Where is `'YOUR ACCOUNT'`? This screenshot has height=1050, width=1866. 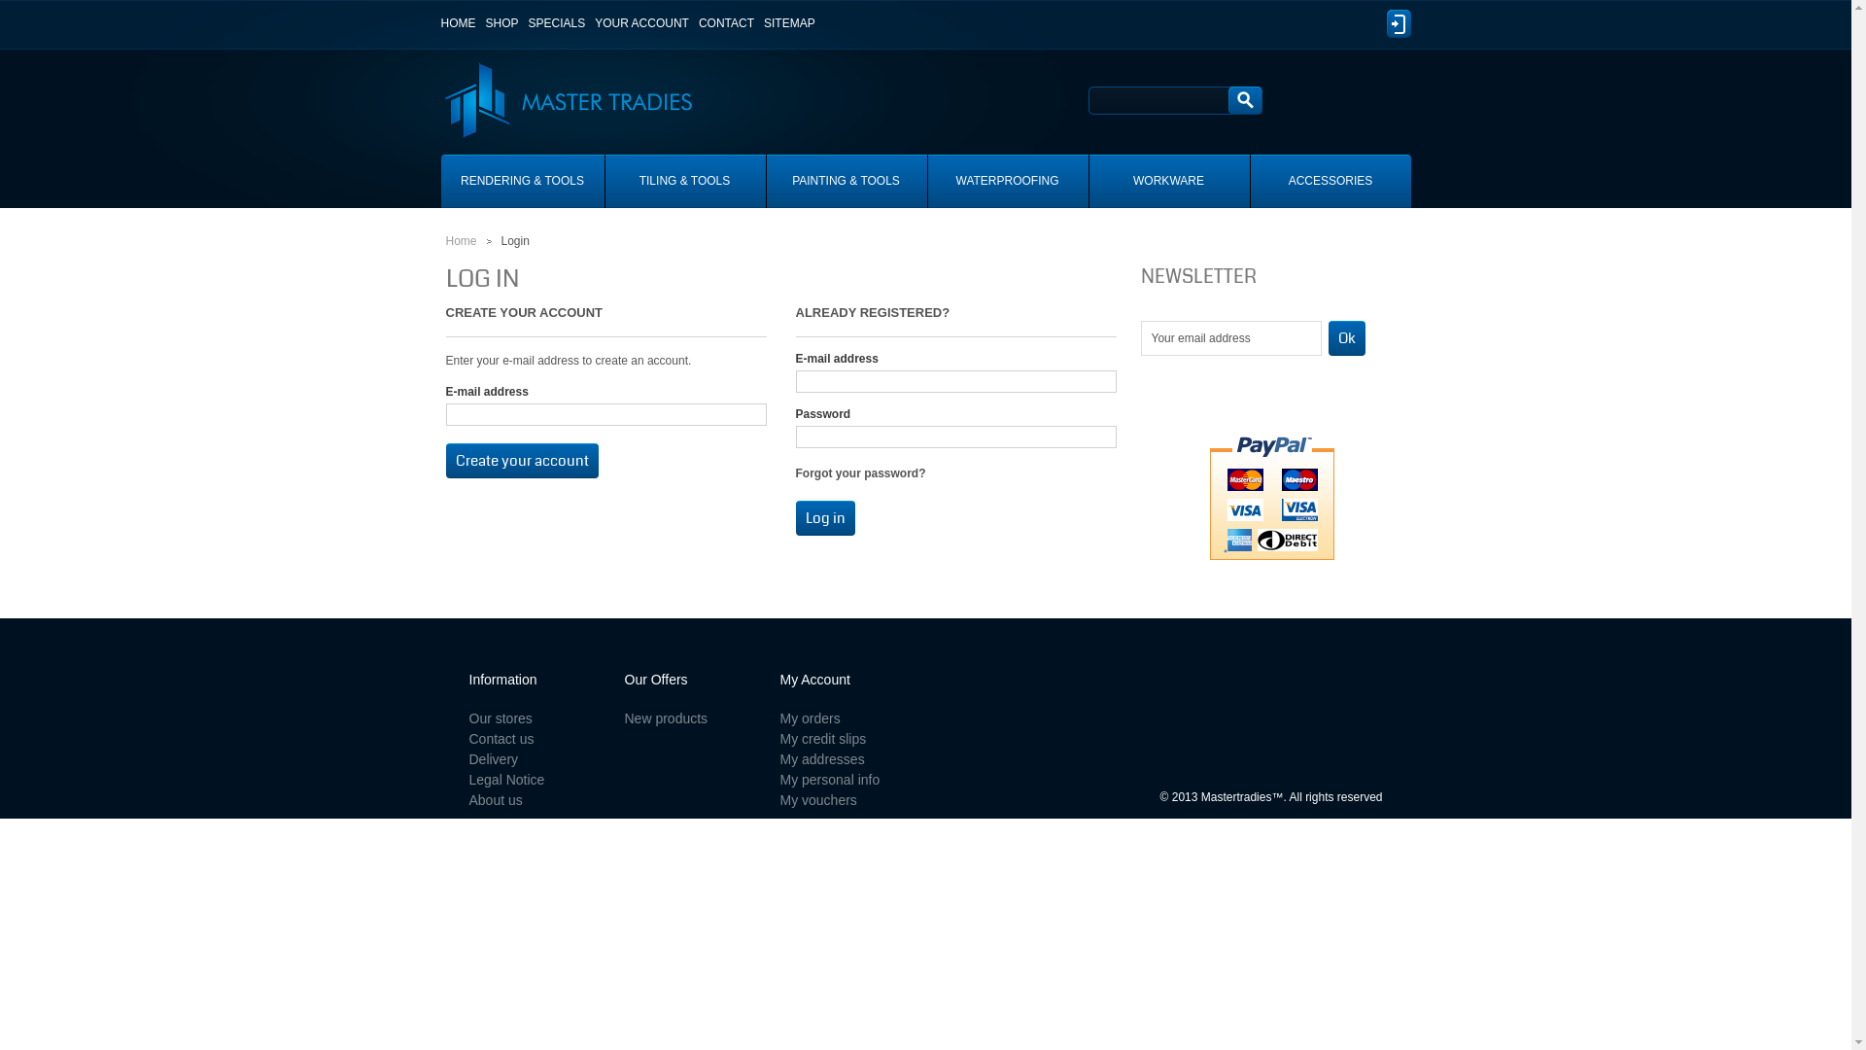
'YOUR ACCOUNT' is located at coordinates (641, 22).